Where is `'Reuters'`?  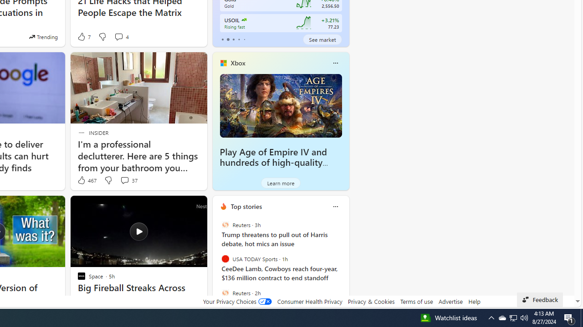
'Reuters' is located at coordinates (225, 292).